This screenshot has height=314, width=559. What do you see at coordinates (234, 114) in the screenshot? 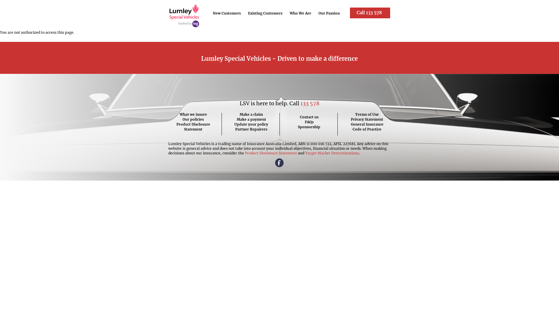
I see `'Make a claim'` at bounding box center [234, 114].